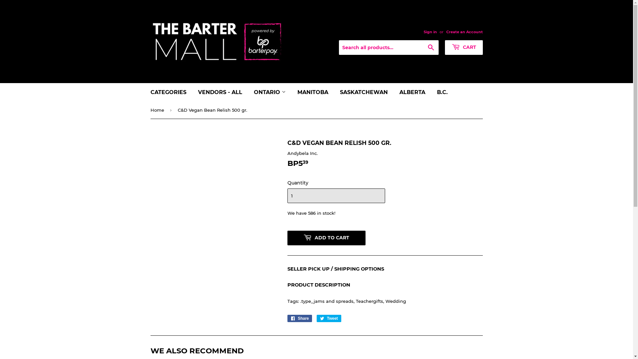 The image size is (638, 359). I want to click on 'Teachergifts', so click(369, 301).